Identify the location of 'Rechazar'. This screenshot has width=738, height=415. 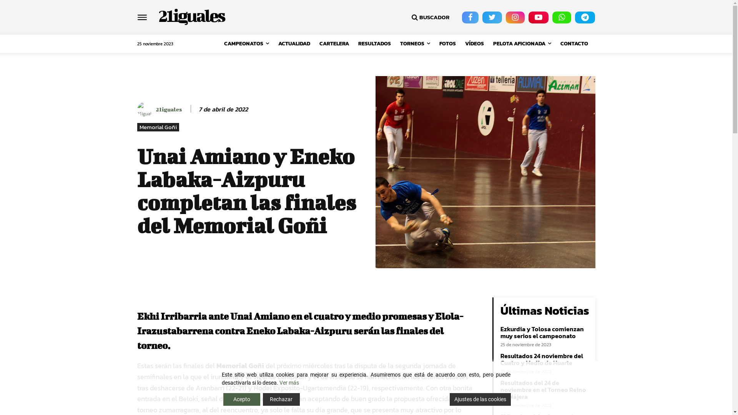
(281, 399).